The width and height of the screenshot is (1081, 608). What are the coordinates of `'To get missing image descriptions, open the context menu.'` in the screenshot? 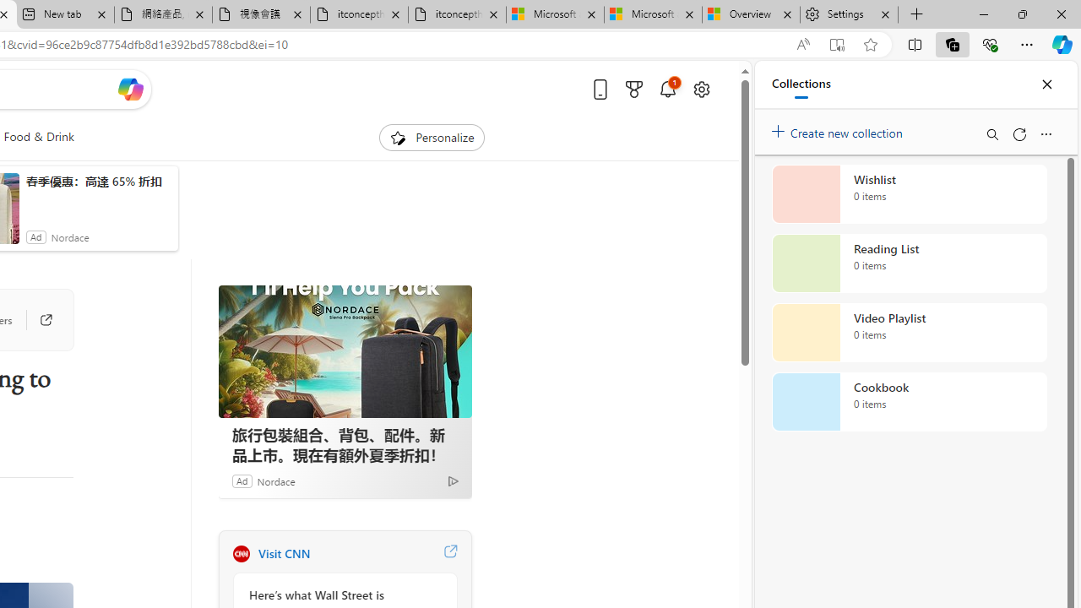 It's located at (397, 136).